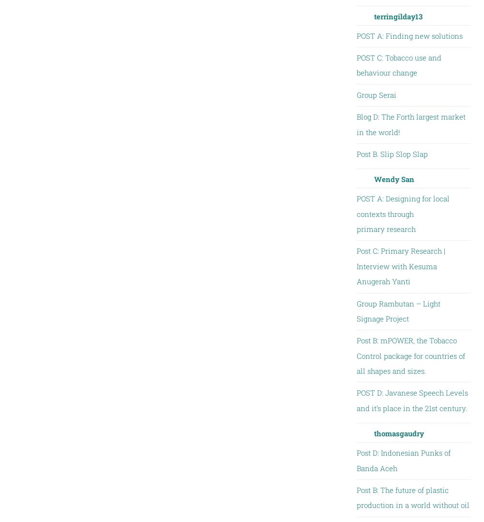 The height and width of the screenshot is (522, 484). Describe the element at coordinates (356, 153) in the screenshot. I see `'Post B. Slip Slop Slap'` at that location.